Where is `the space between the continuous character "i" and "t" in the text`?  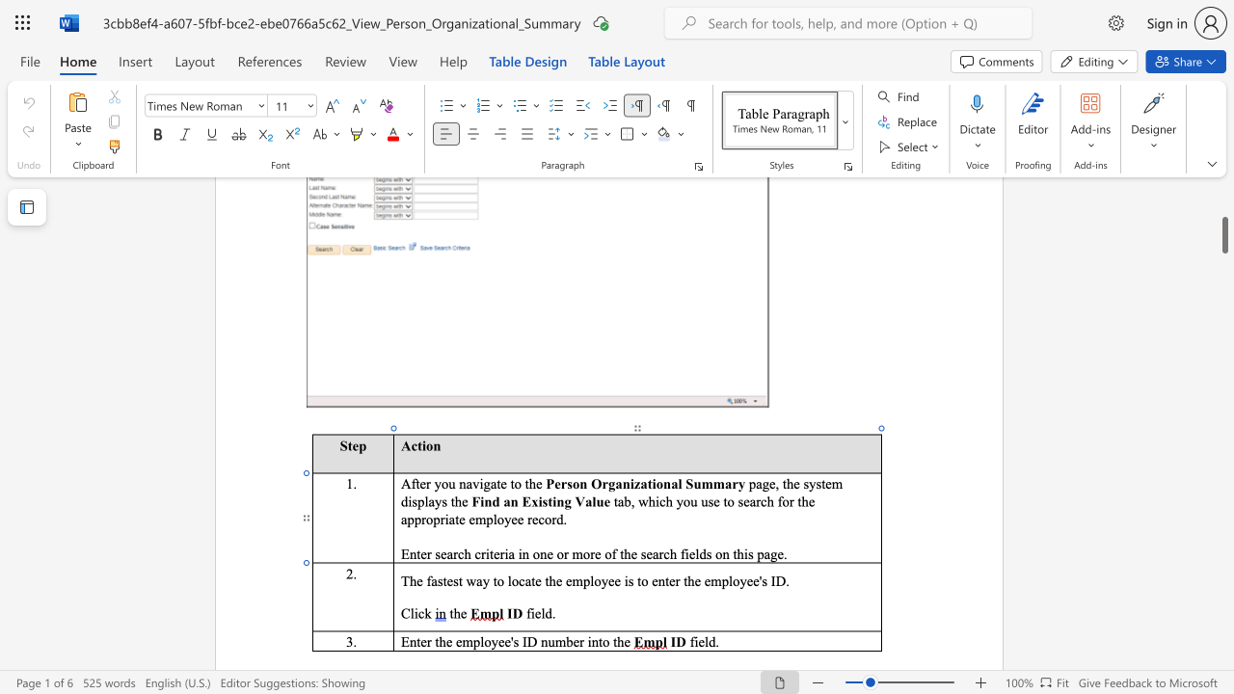
the space between the continuous character "i" and "t" in the text is located at coordinates (490, 553).